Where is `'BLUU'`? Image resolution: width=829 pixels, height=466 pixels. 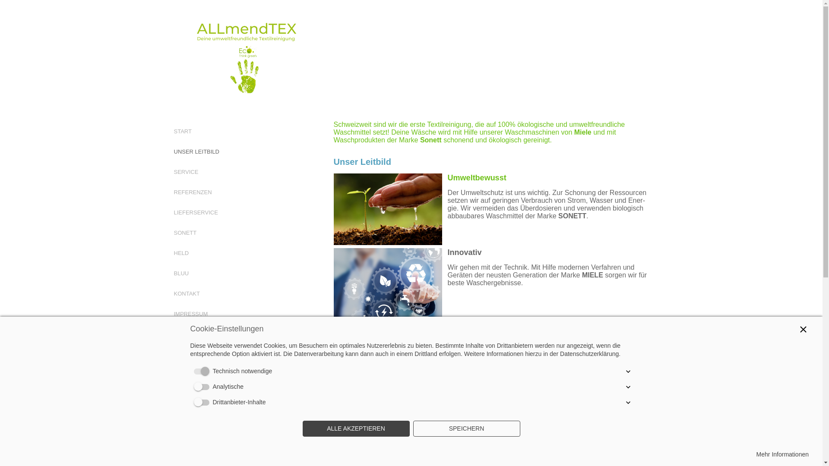
'BLUU' is located at coordinates (180, 273).